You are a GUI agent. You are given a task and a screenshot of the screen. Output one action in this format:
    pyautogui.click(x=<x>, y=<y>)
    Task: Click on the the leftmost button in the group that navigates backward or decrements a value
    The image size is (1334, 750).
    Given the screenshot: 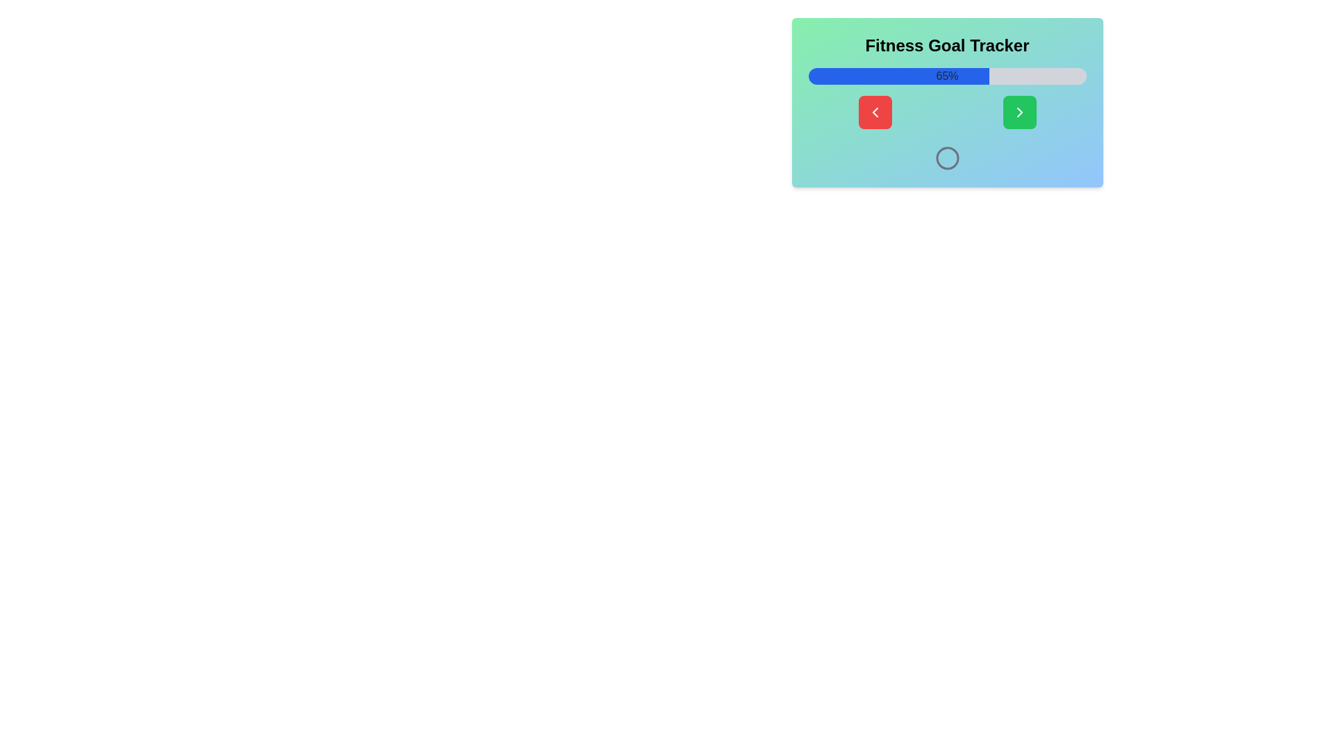 What is the action you would take?
    pyautogui.click(x=874, y=112)
    